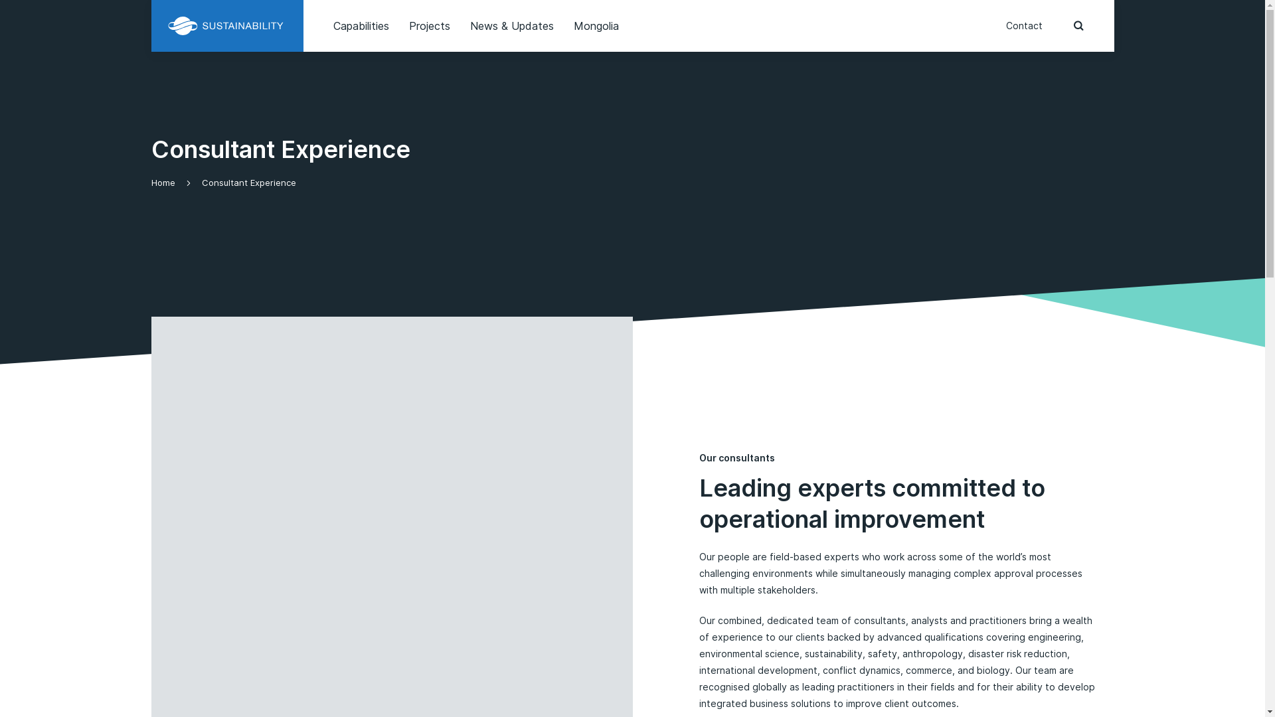 This screenshot has height=717, width=1275. I want to click on 'Sustainability WA', so click(227, 25).